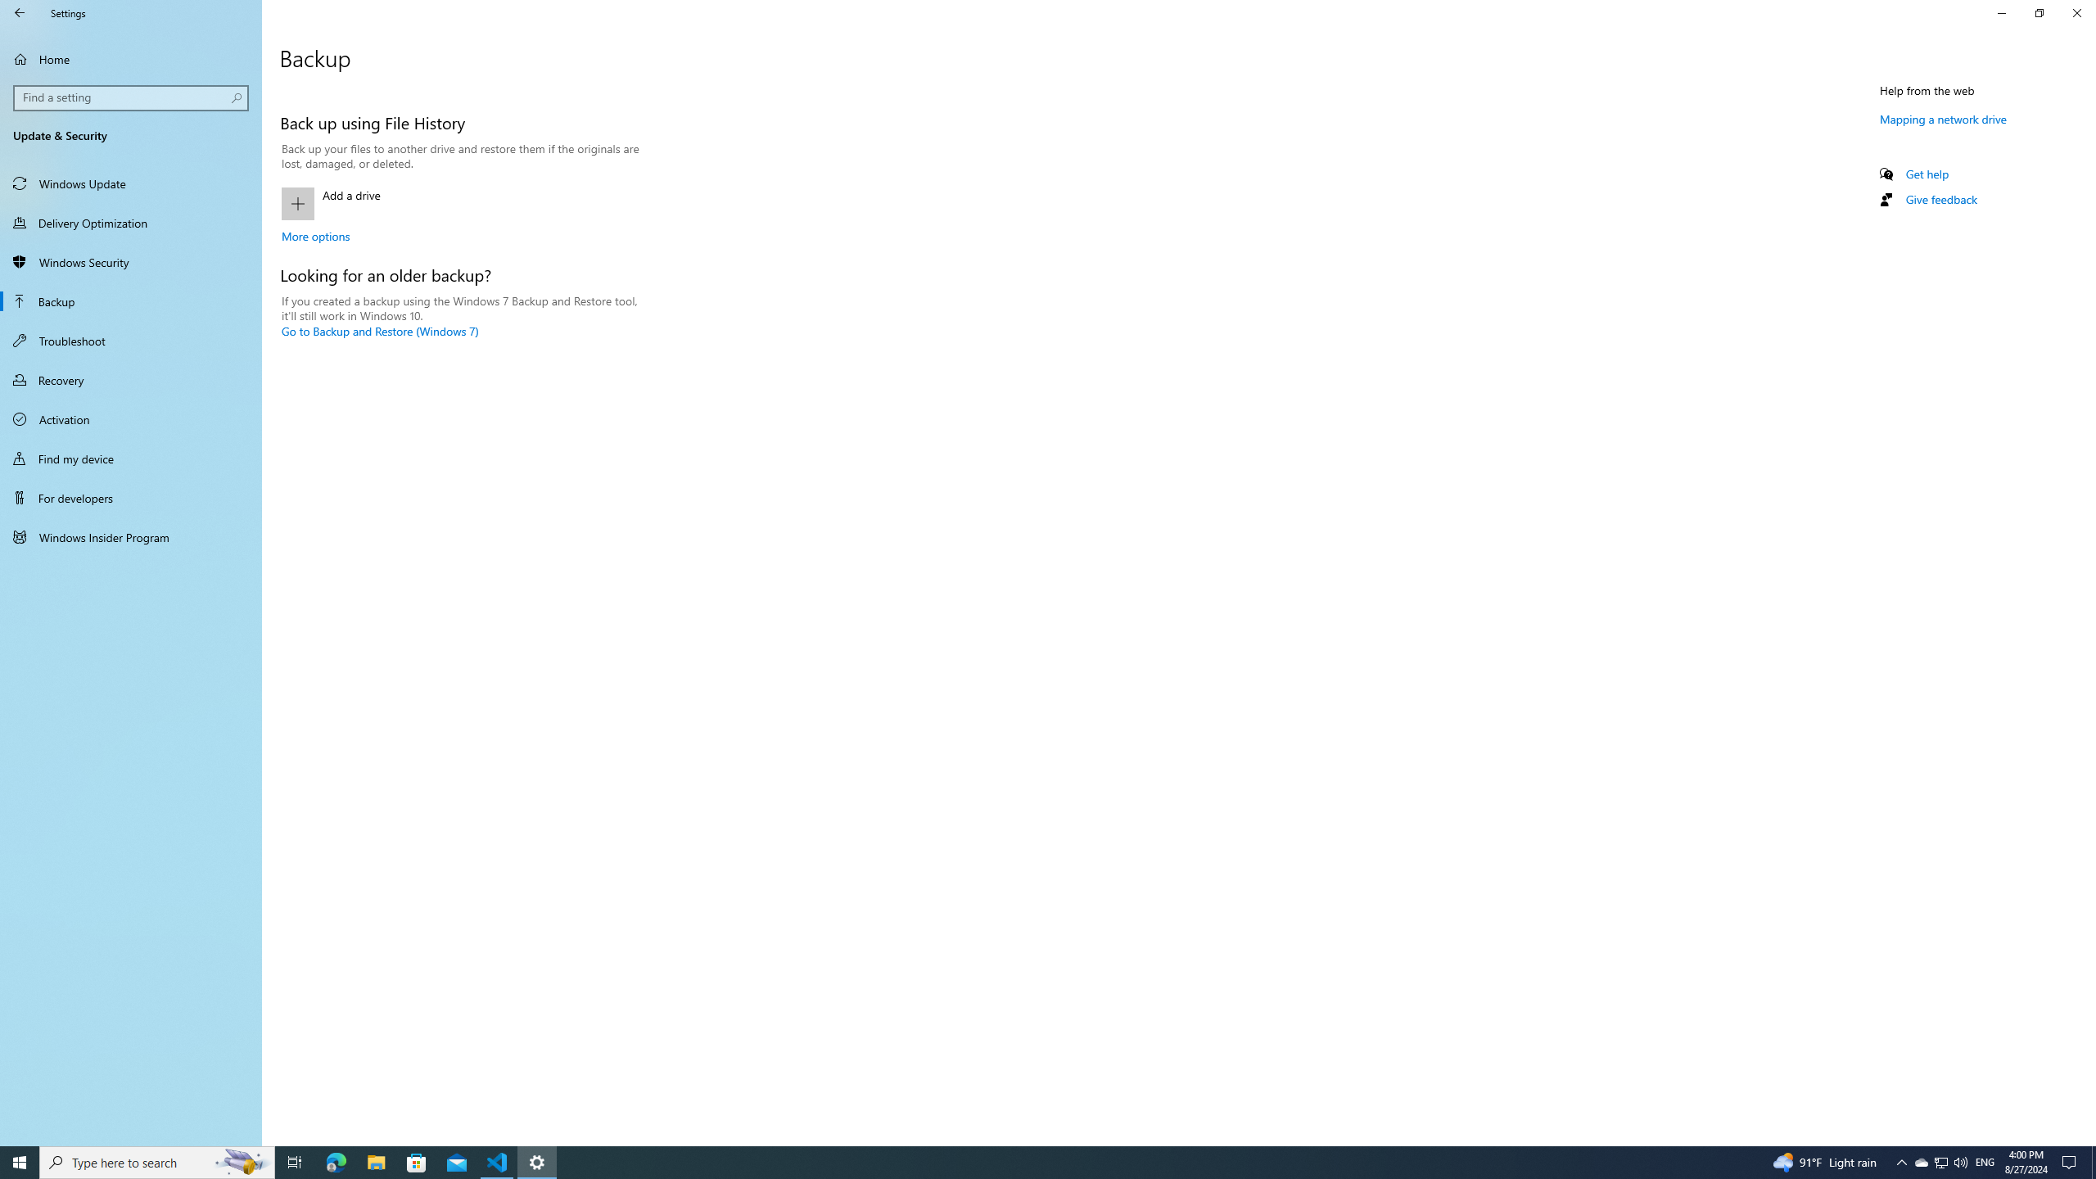 This screenshot has height=1179, width=2096. I want to click on 'Visual Studio Code - 1 running window', so click(497, 1161).